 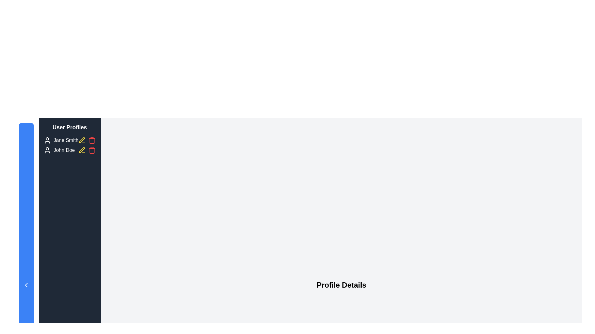 I want to click on the yellow pen icon button, so click(x=82, y=150).